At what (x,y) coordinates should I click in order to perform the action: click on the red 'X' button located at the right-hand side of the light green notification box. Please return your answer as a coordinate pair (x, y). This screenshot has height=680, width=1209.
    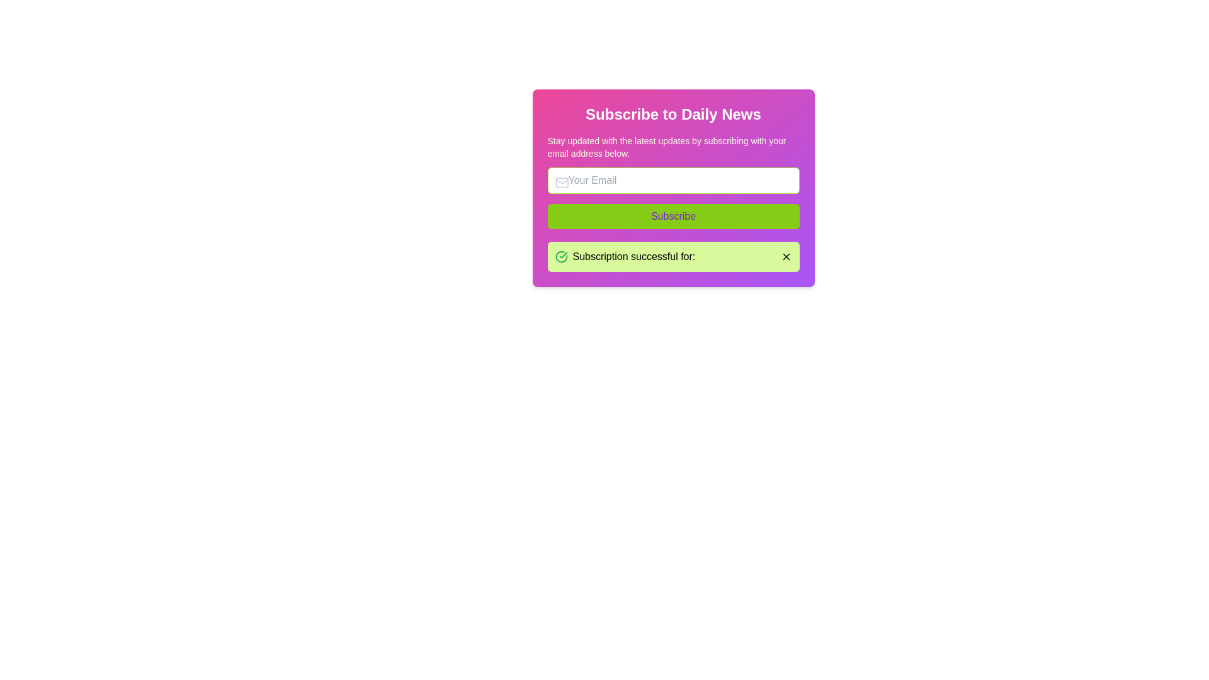
    Looking at the image, I should click on (785, 256).